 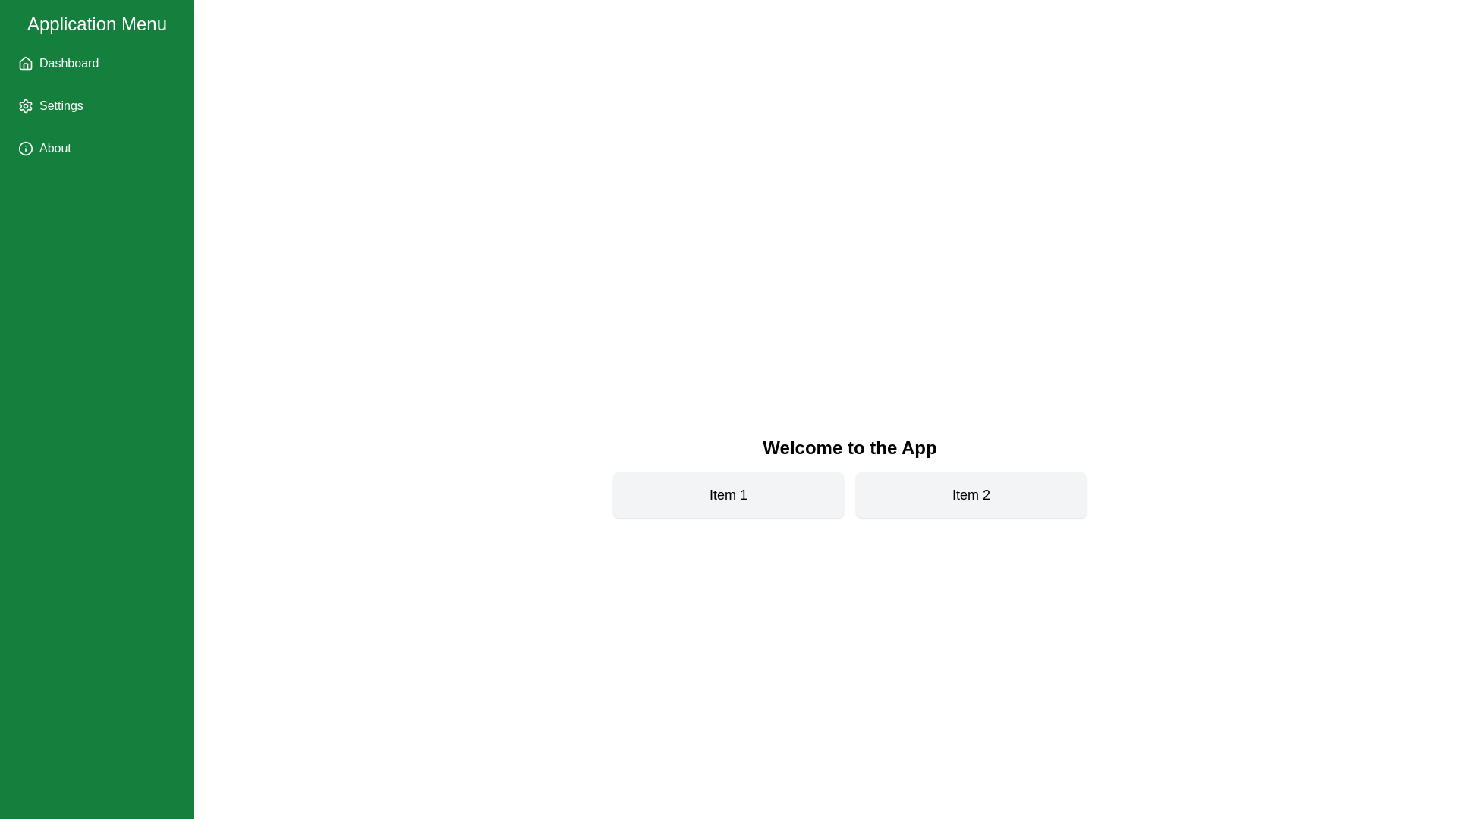 I want to click on the Dashboard menu item in the sidebar, so click(x=96, y=63).